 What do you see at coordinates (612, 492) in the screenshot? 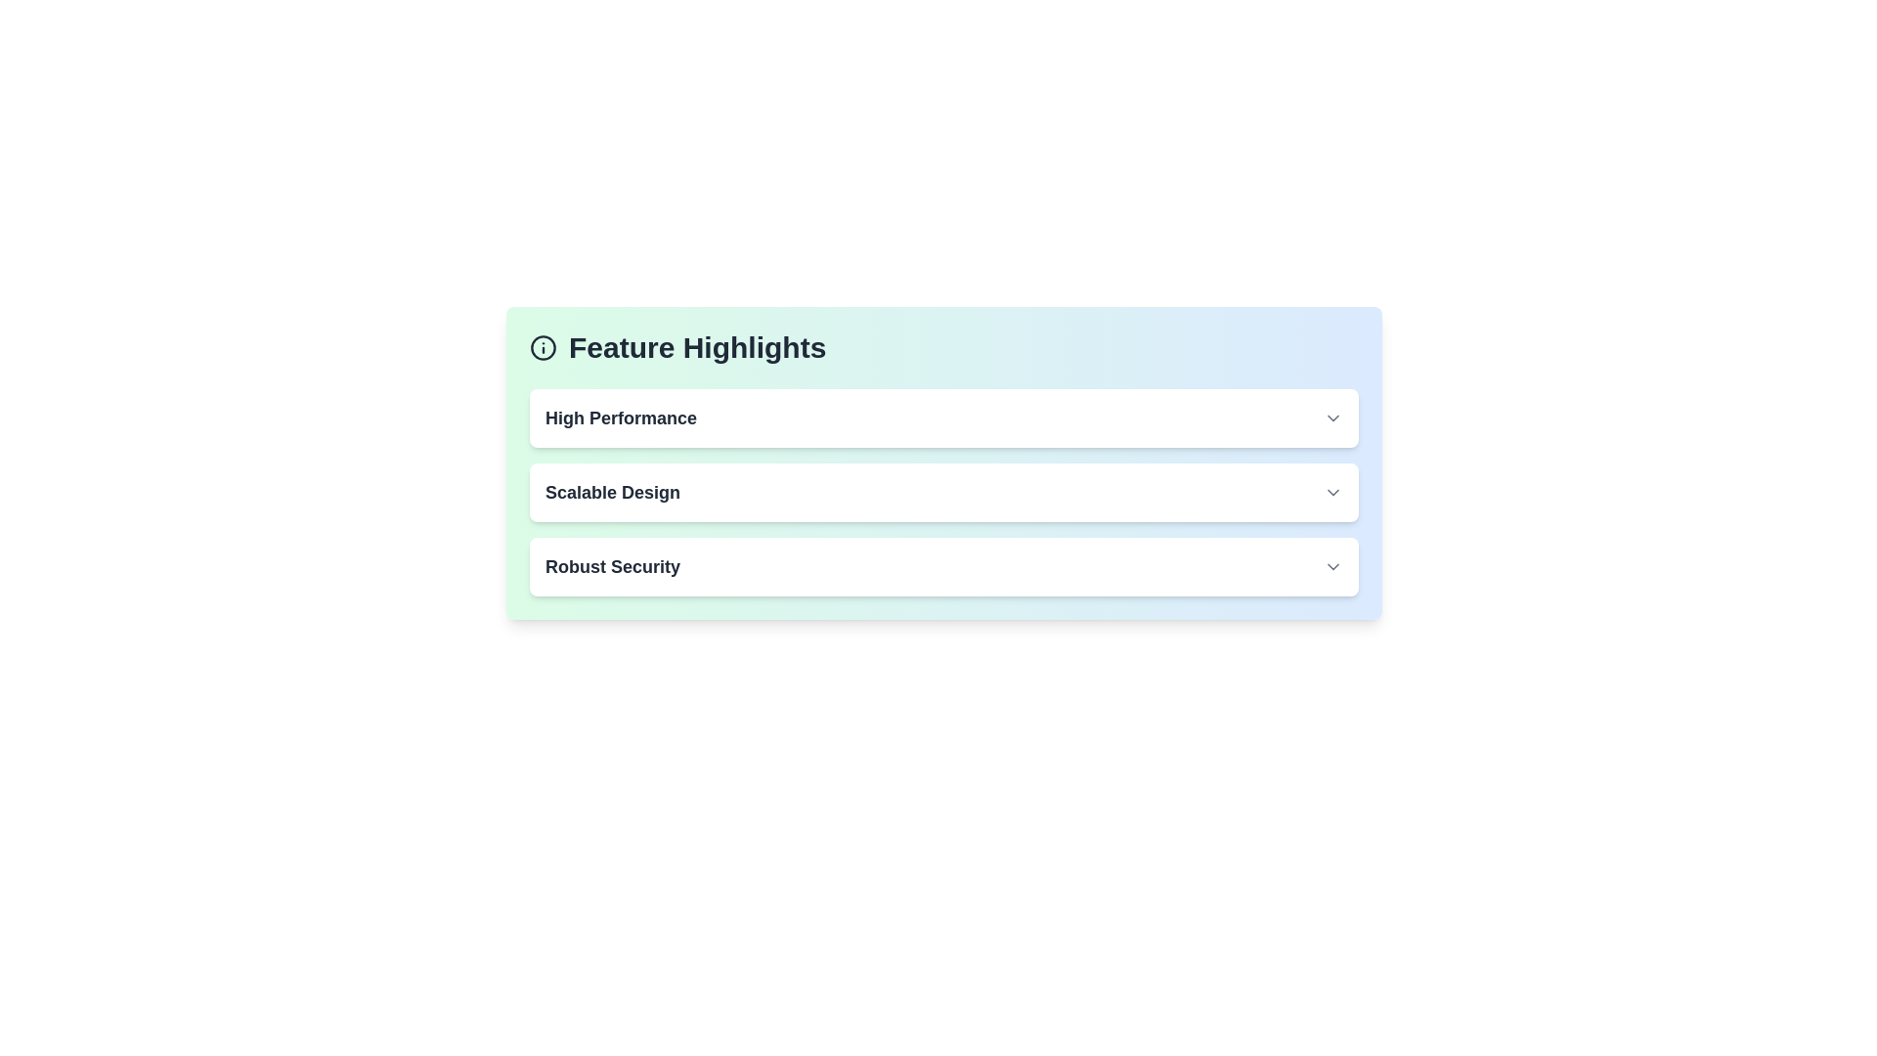
I see `the static text element labeled 'Scalable Design', which is positioned below 'High Performance' and above 'Robust Security'` at bounding box center [612, 492].